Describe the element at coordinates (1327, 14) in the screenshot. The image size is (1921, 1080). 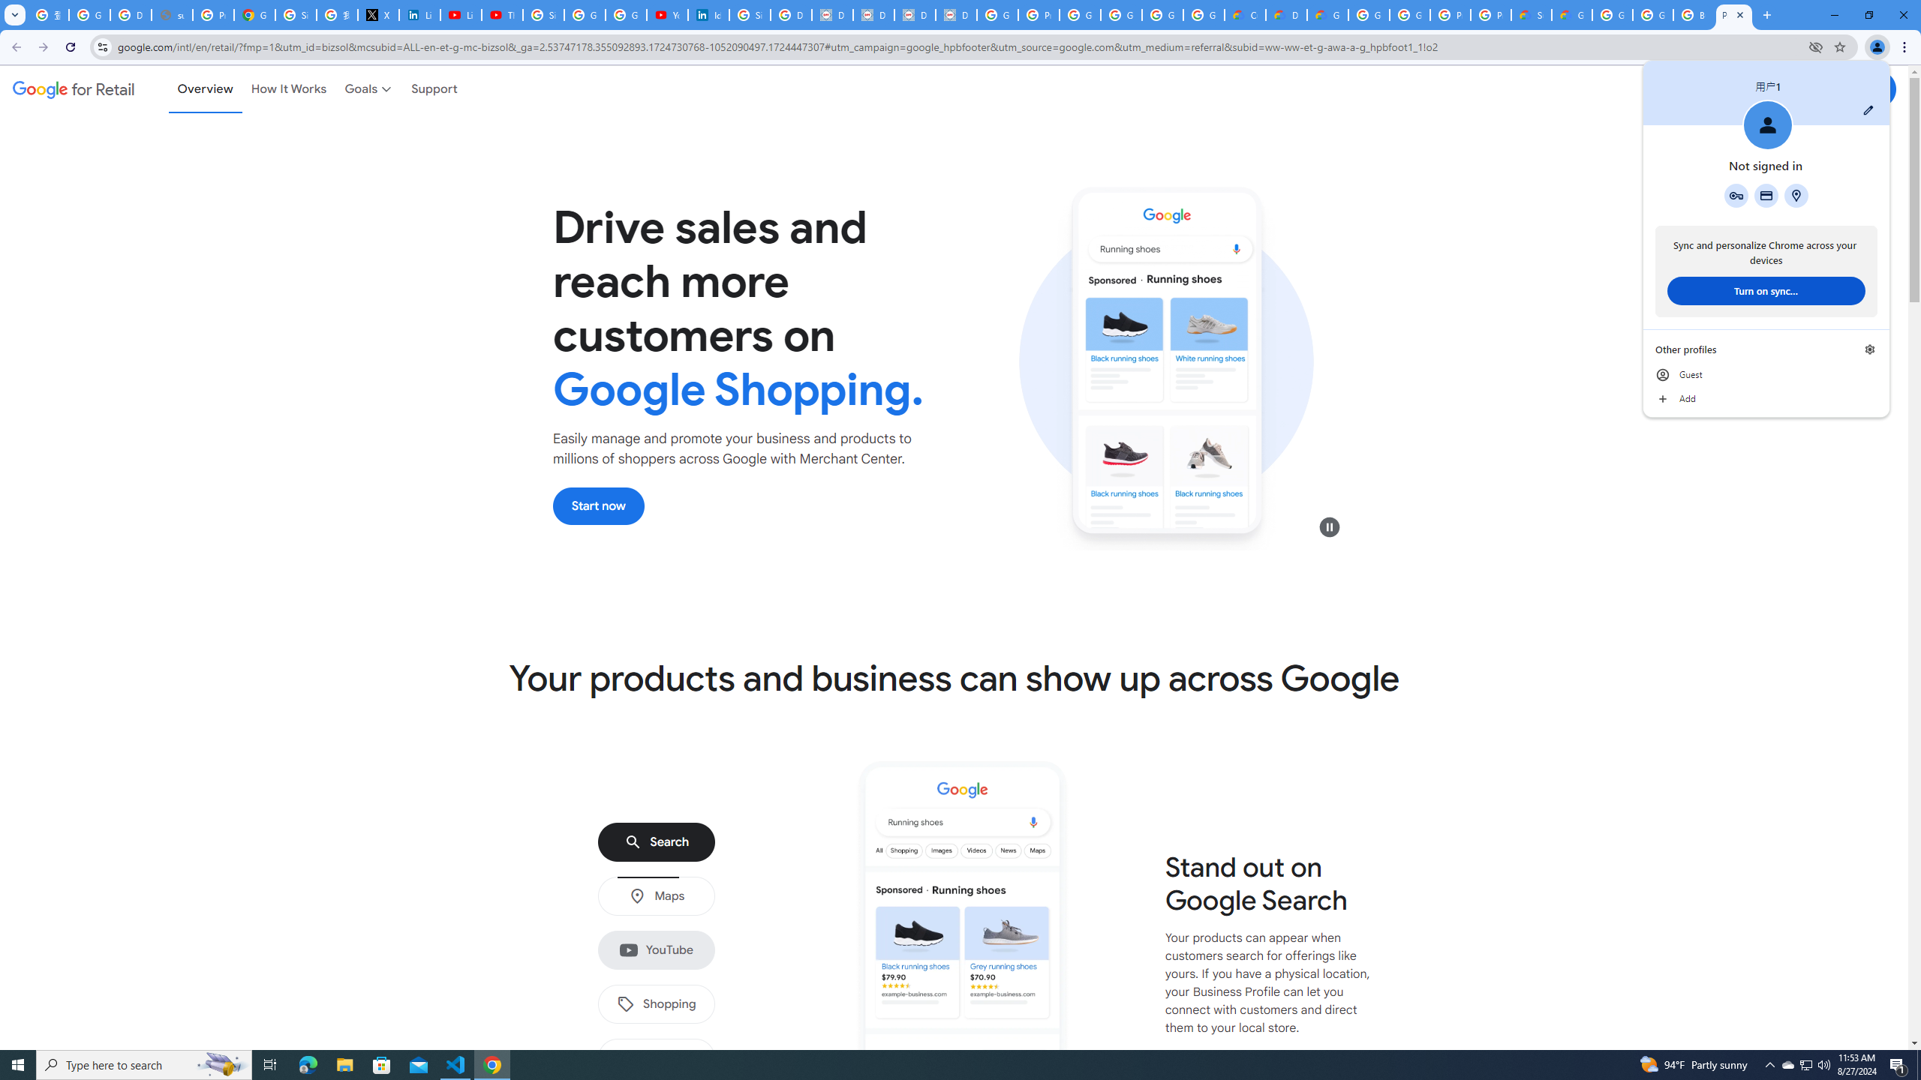
I see `'Gemini for Business and Developers | Google Cloud'` at that location.